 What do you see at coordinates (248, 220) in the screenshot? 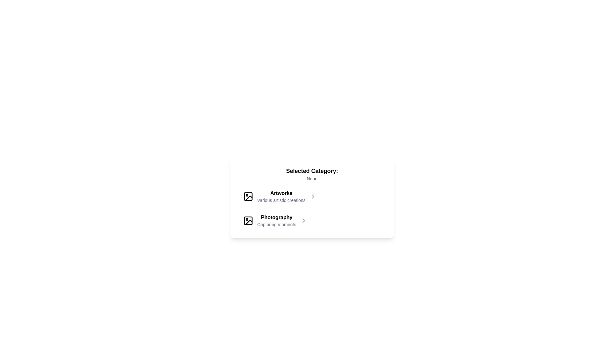
I see `the photography icon located in the second row, to the left of the text 'Photography' and 'Capturing moments', and to the left of the arrow icon pointing right` at bounding box center [248, 220].